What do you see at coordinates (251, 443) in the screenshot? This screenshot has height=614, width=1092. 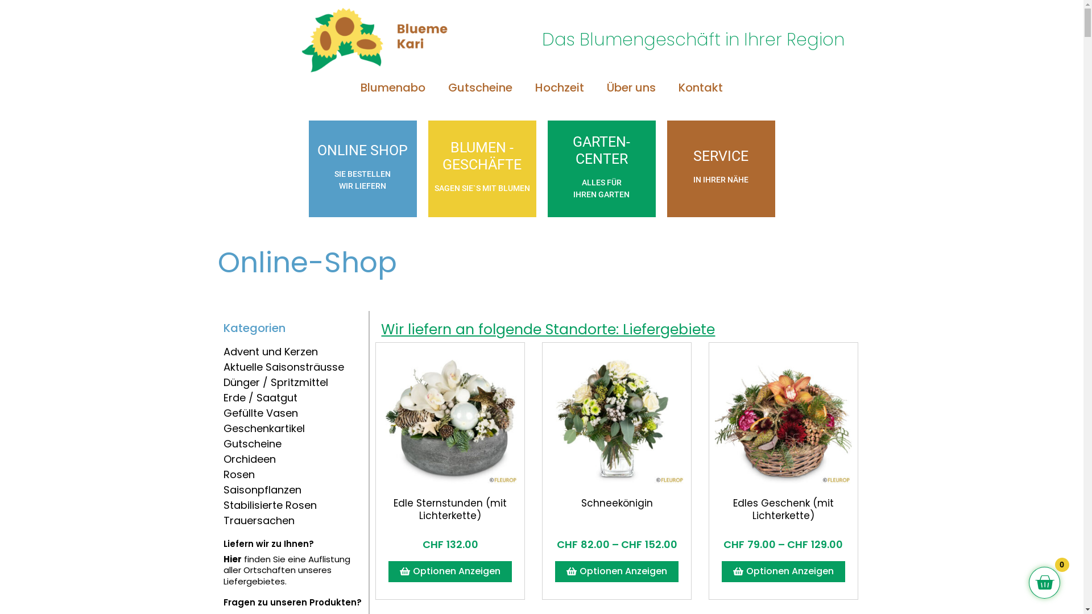 I see `'Gutscheine'` at bounding box center [251, 443].